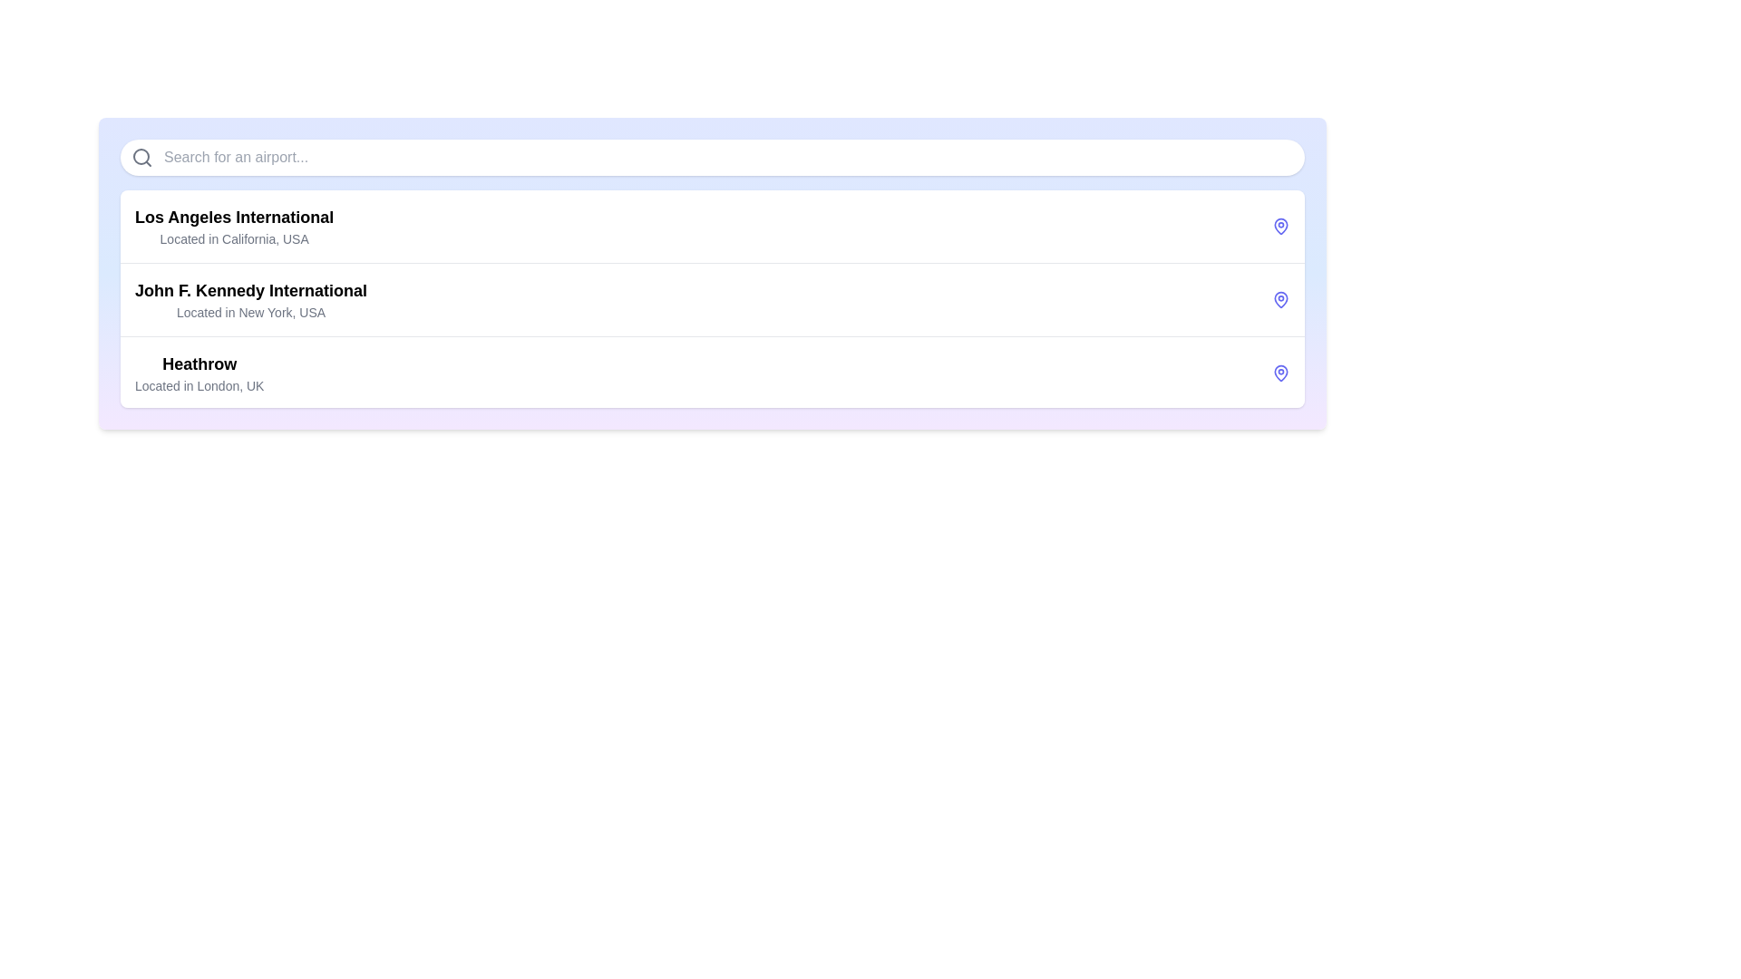  What do you see at coordinates (199, 363) in the screenshot?
I see `the text label displaying 'Heathrow' for accessibility purposes, located at the bottom of the airport names list in the search interface` at bounding box center [199, 363].